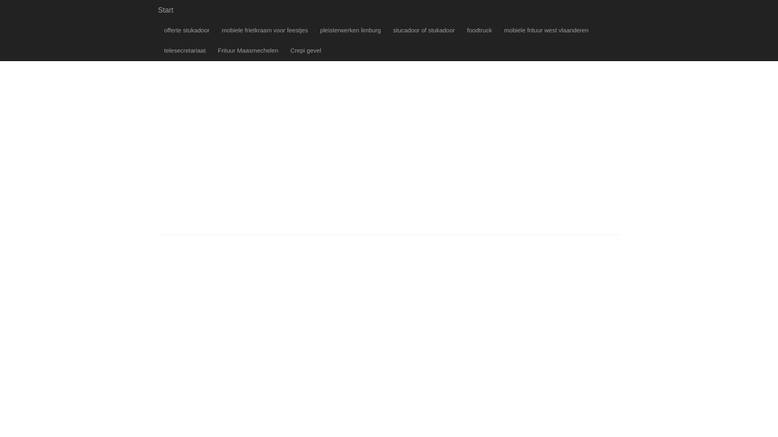 Image resolution: width=778 pixels, height=437 pixels. Describe the element at coordinates (423, 30) in the screenshot. I see `'stucadoor of stukadoor'` at that location.